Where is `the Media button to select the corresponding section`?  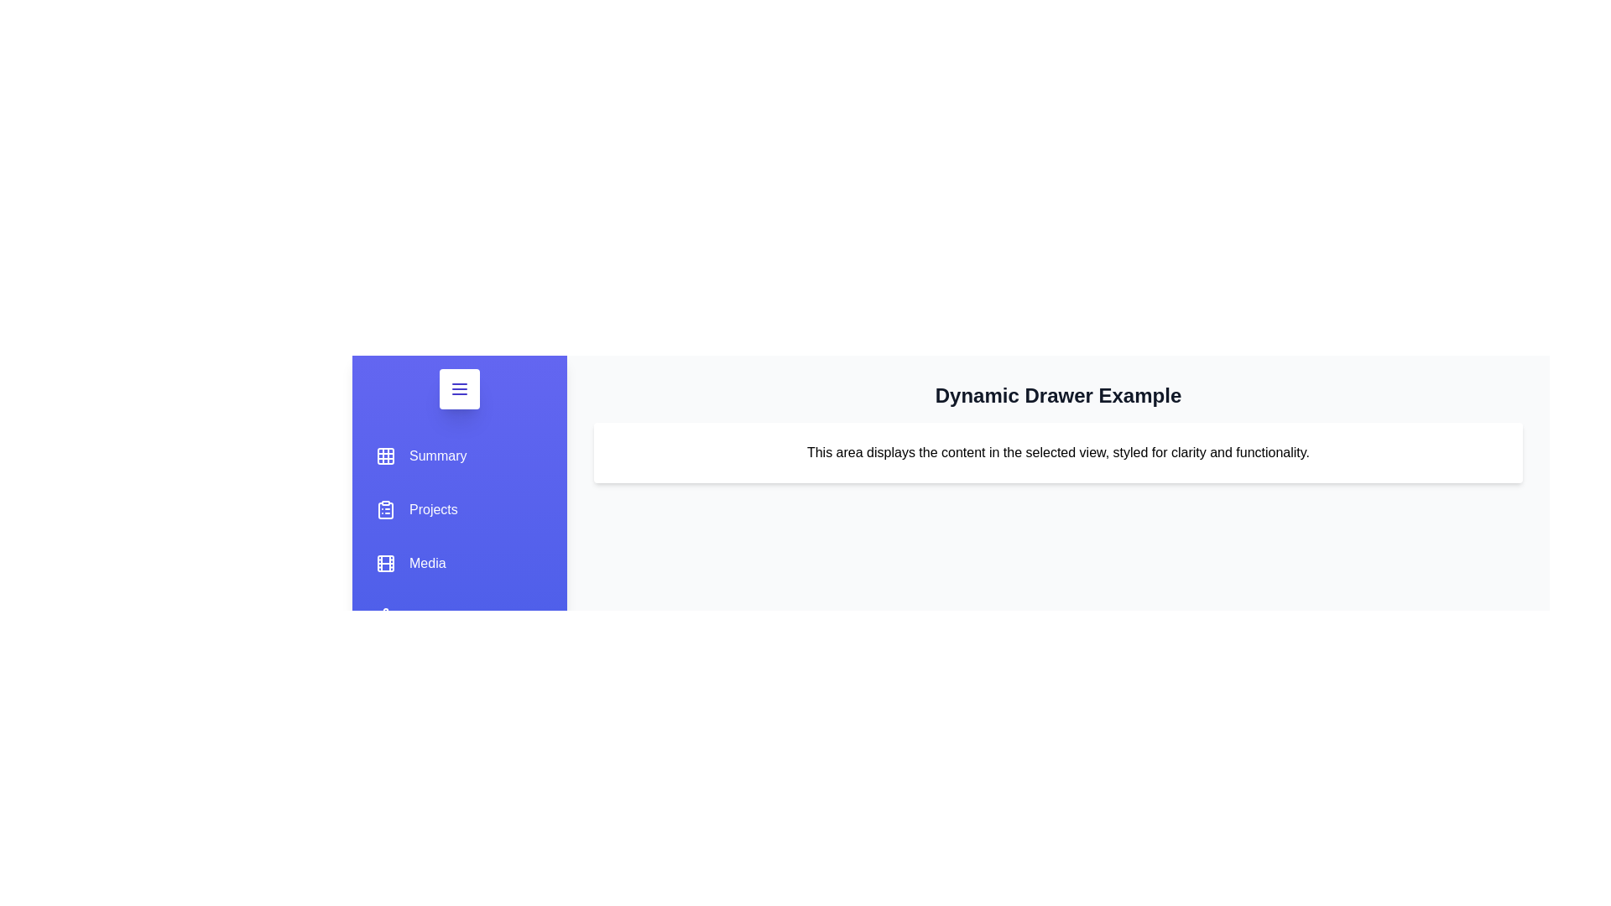
the Media button to select the corresponding section is located at coordinates (410, 563).